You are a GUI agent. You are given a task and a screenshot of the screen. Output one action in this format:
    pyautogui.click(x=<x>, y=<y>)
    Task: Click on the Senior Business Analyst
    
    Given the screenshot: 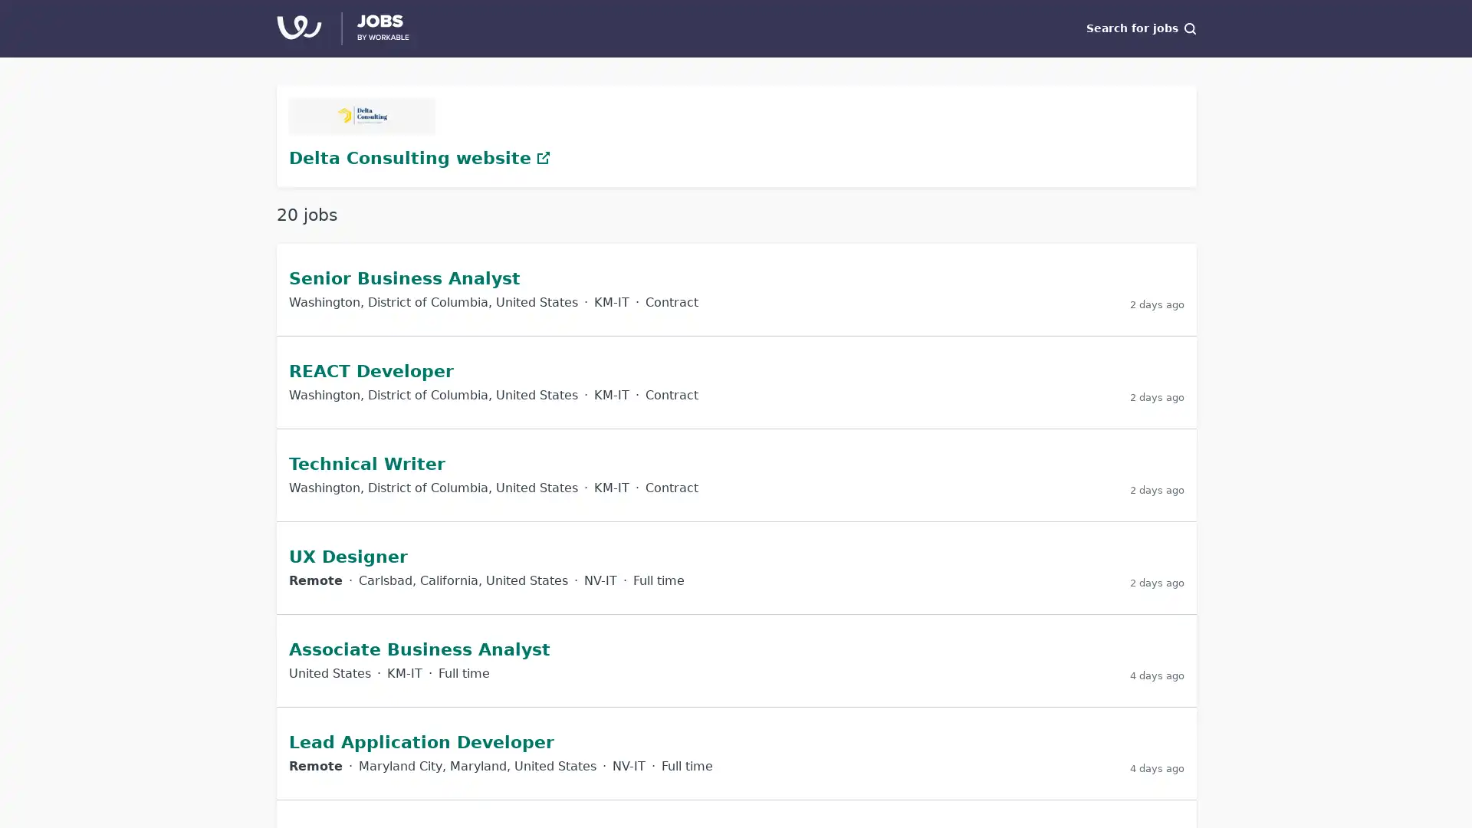 What is the action you would take?
    pyautogui.click(x=405, y=278)
    